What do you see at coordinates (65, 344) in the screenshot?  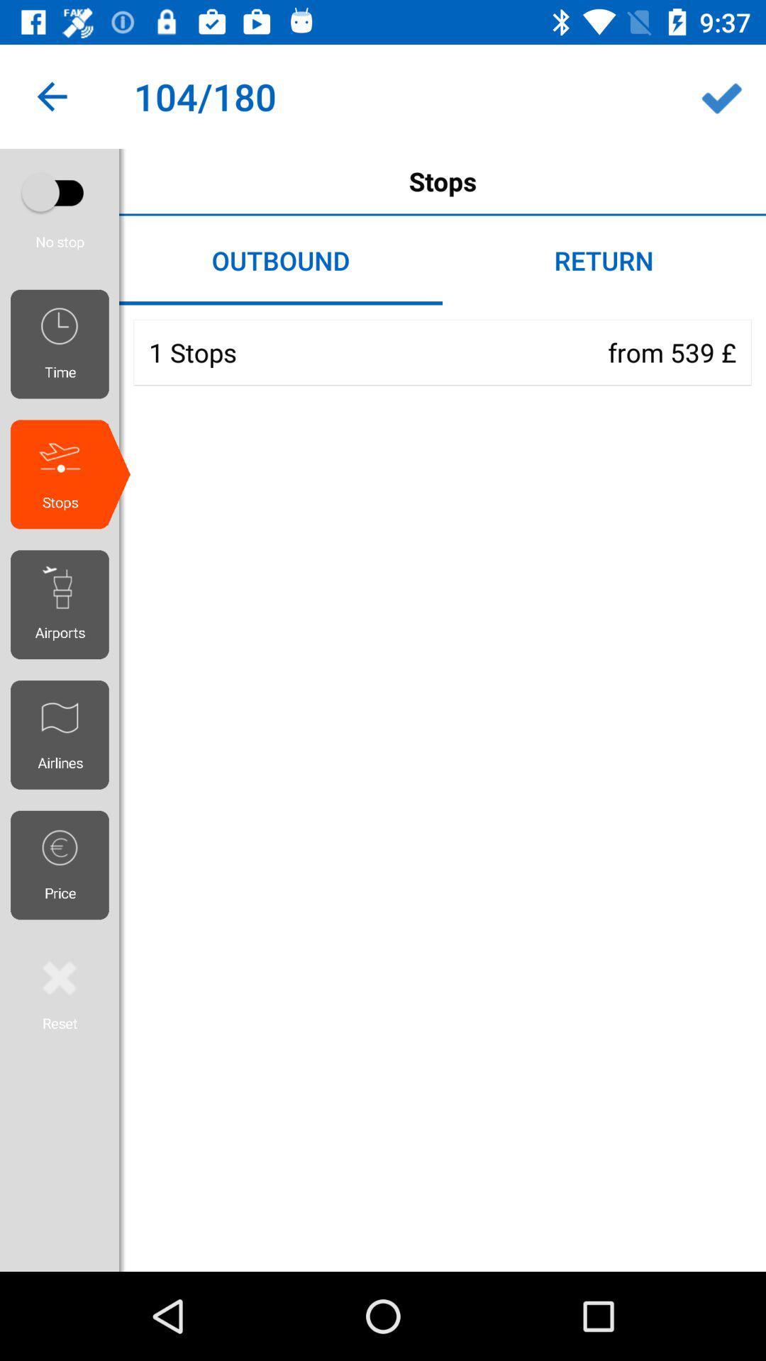 I see `time icon` at bounding box center [65, 344].